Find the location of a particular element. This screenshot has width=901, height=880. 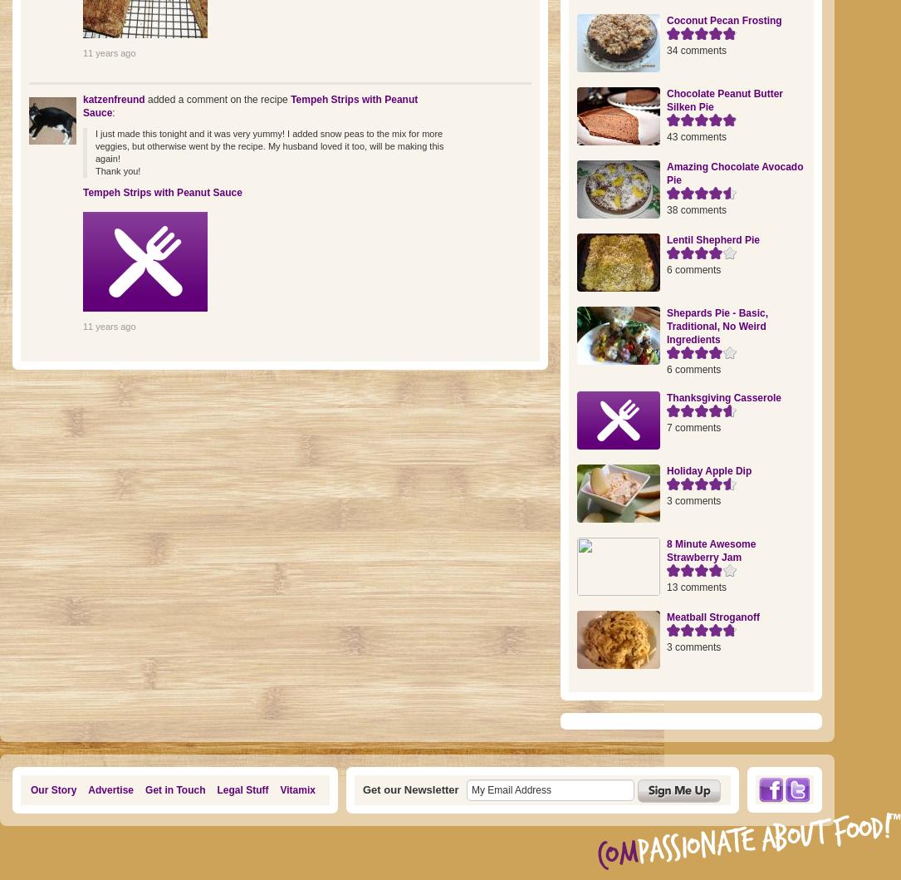

'Holiday Apple Dip' is located at coordinates (708, 469).